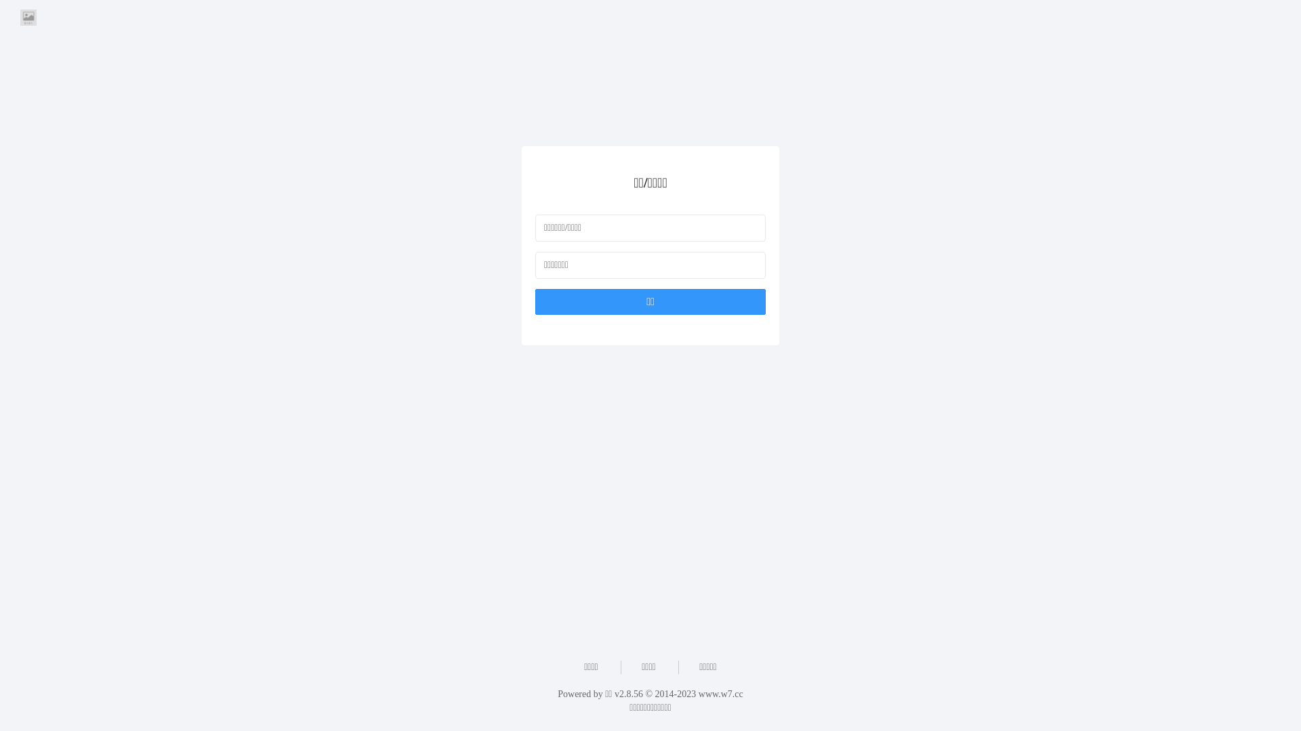 This screenshot has width=1301, height=731. What do you see at coordinates (699, 694) in the screenshot?
I see `'www.w7.cc'` at bounding box center [699, 694].